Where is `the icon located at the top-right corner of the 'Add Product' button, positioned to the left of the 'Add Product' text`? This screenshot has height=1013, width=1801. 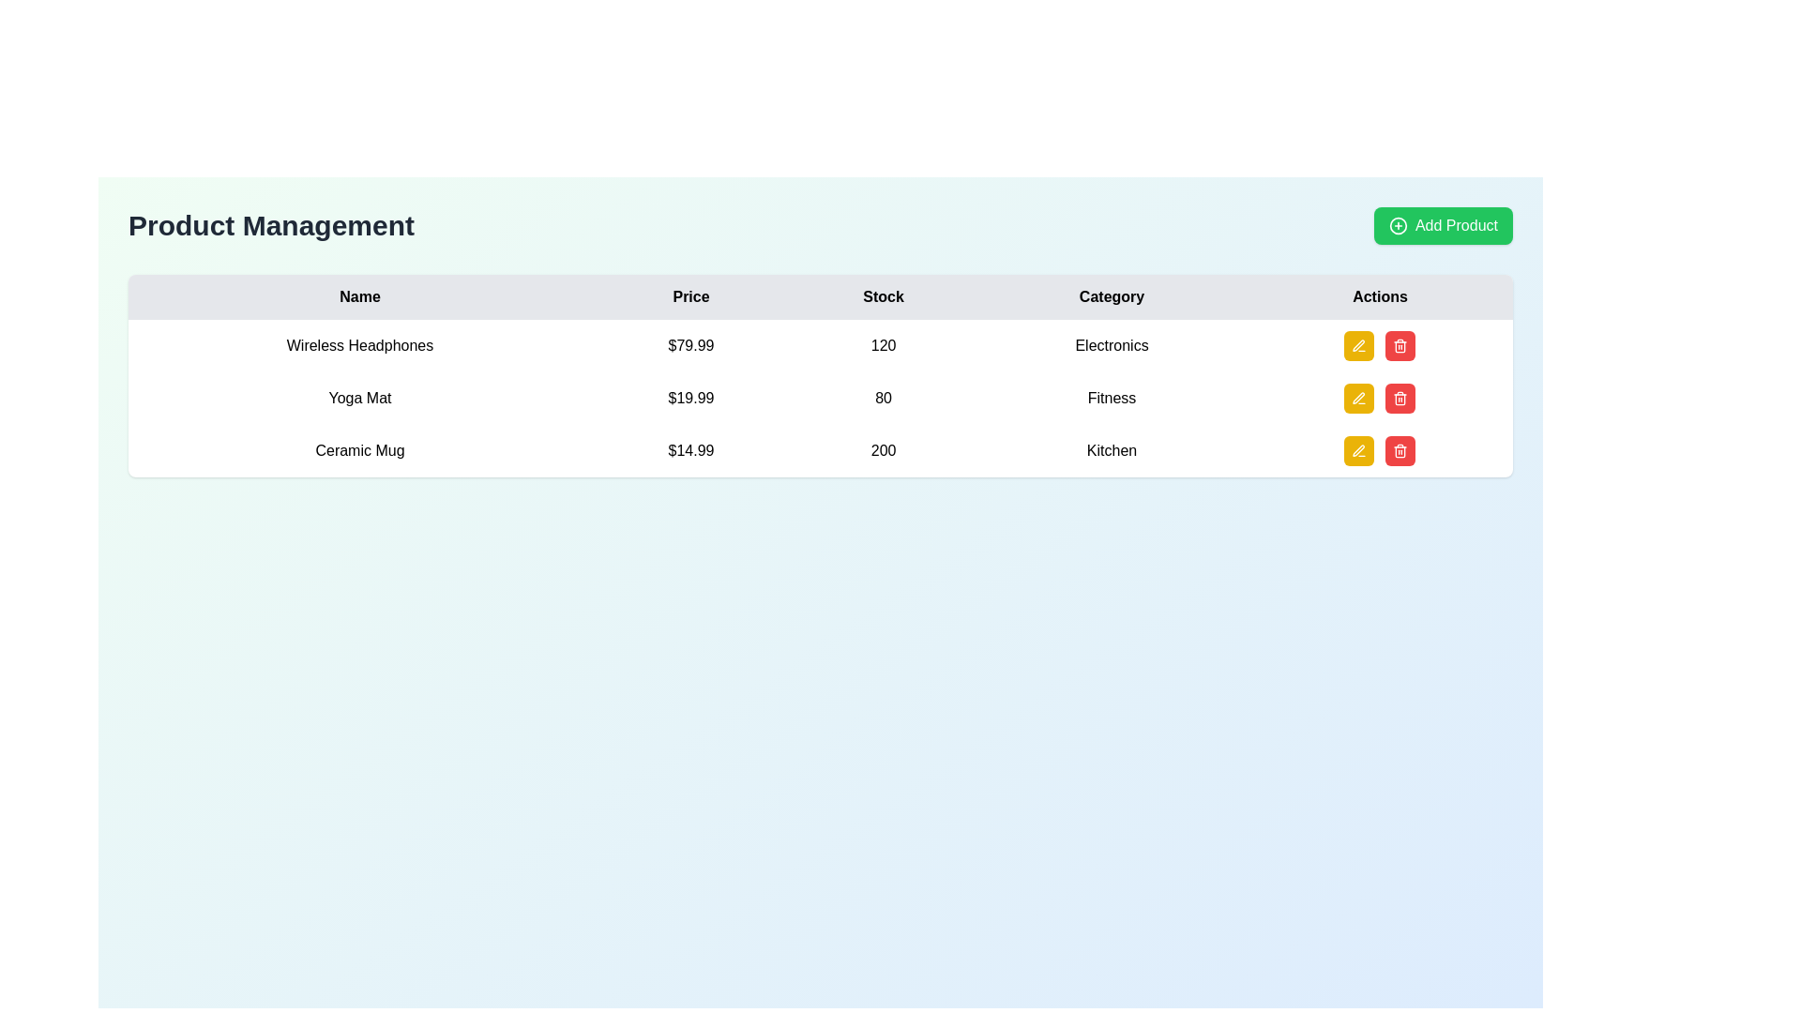 the icon located at the top-right corner of the 'Add Product' button, positioned to the left of the 'Add Product' text is located at coordinates (1398, 224).